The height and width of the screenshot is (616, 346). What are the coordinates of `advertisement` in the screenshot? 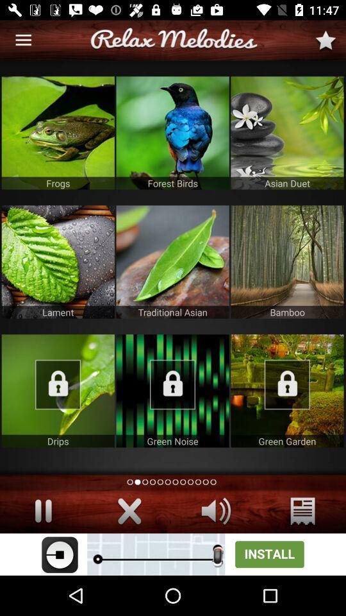 It's located at (57, 261).